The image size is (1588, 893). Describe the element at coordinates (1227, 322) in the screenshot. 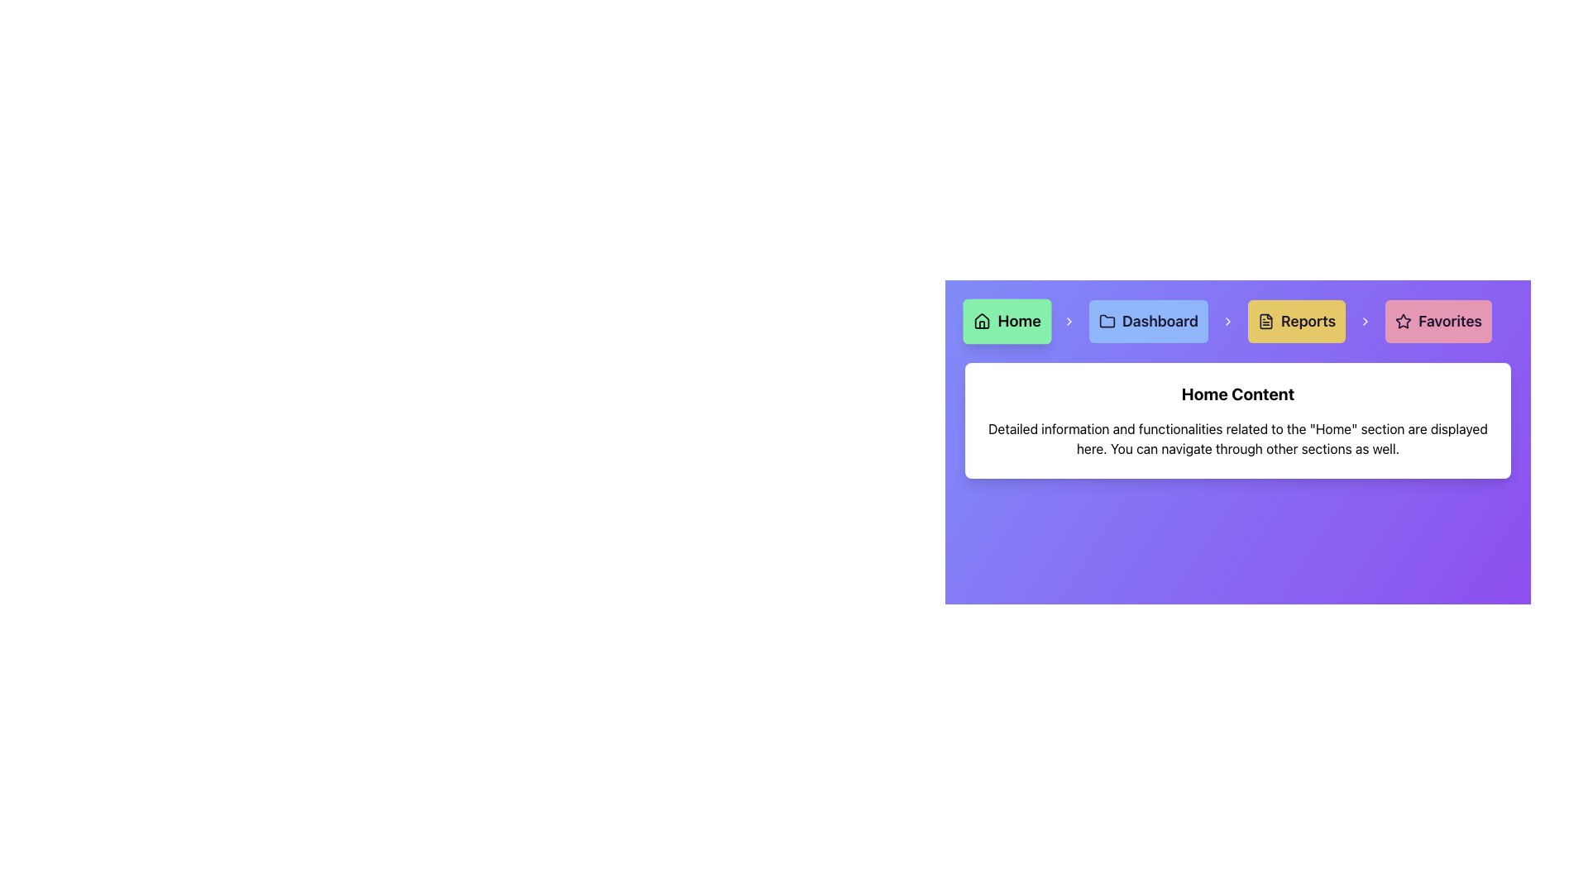

I see `the third chevron icon in the navigation bar` at that location.